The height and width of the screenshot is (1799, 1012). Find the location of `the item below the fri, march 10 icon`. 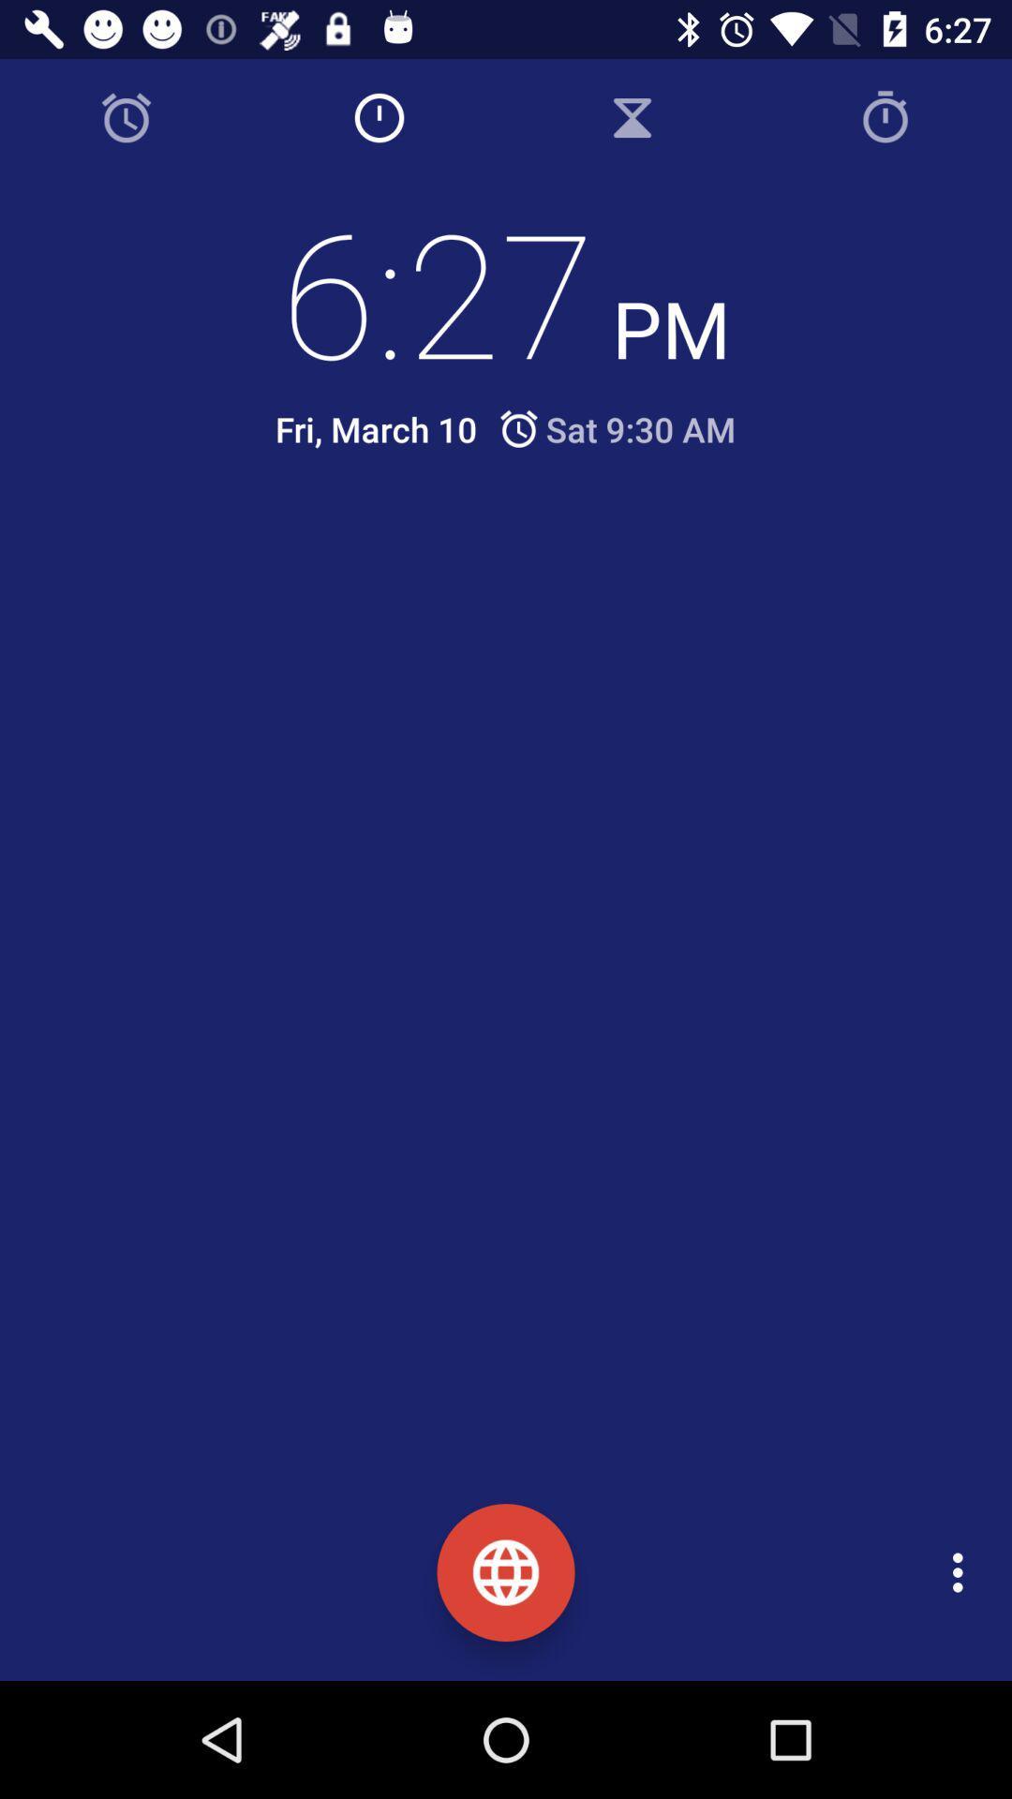

the item below the fri, march 10 icon is located at coordinates (520, 559).